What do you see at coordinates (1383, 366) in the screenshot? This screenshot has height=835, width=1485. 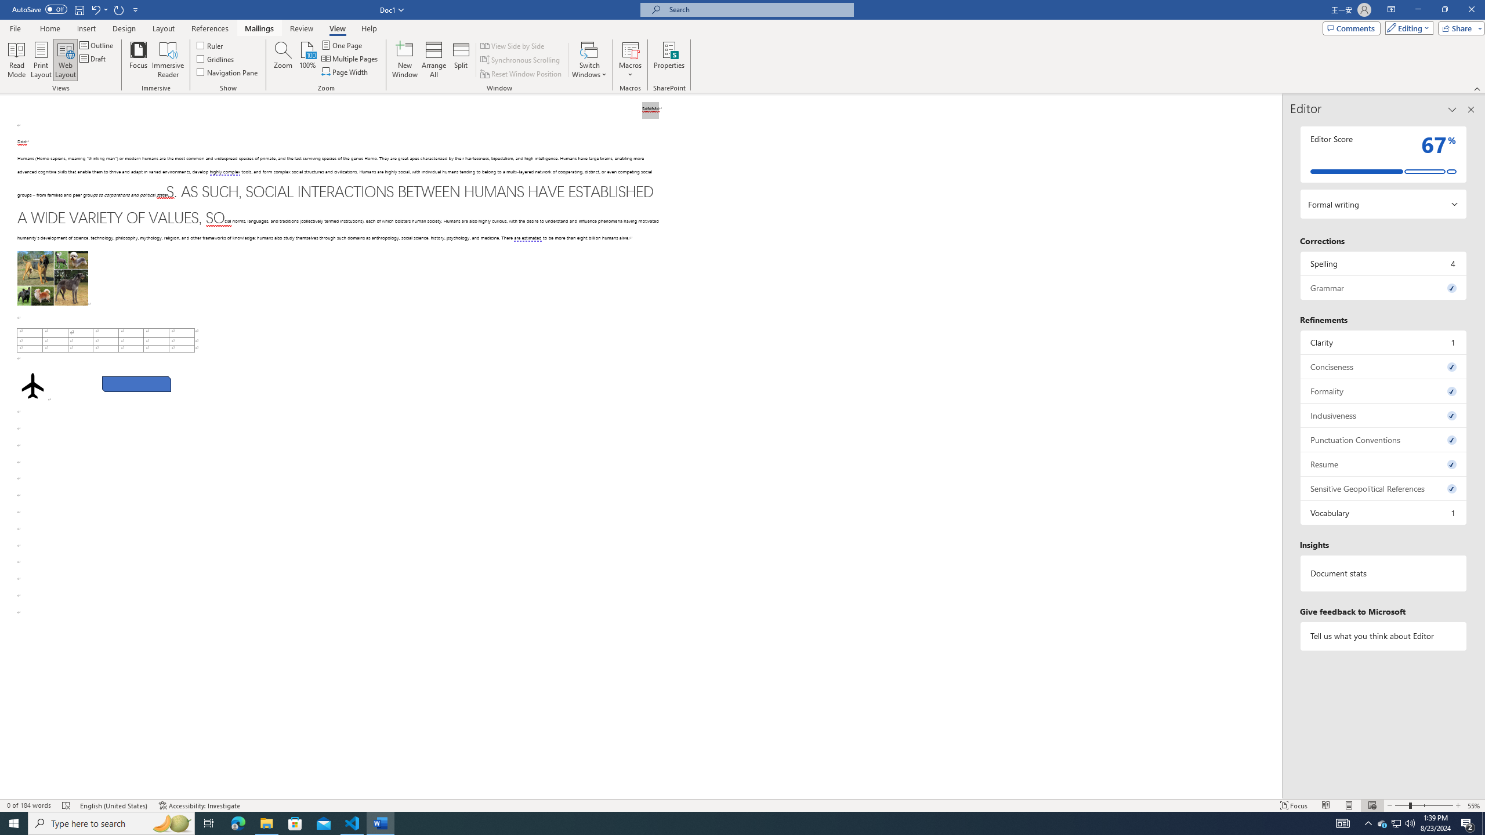 I see `'Conciseness, 0 issues. Press space or enter to review items.'` at bounding box center [1383, 366].